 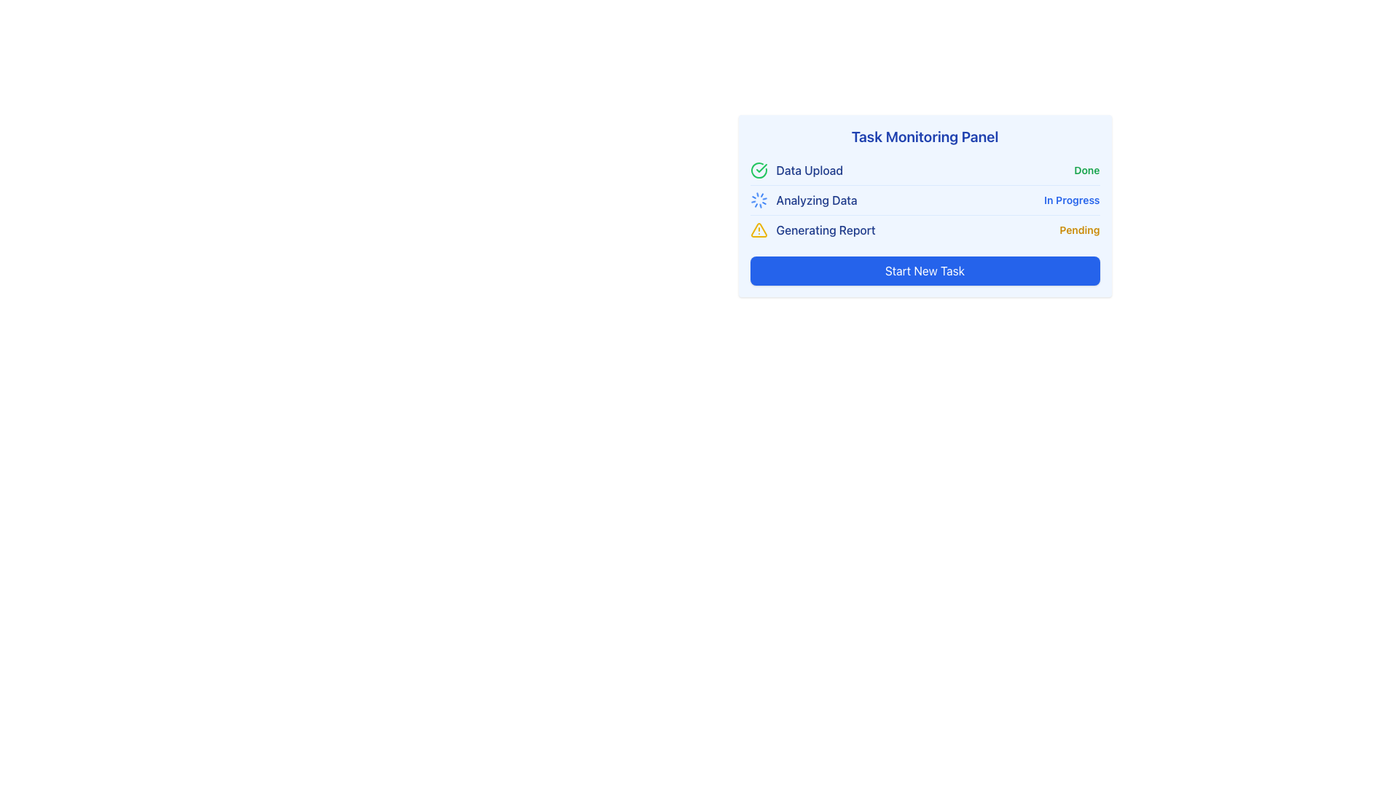 What do you see at coordinates (796, 170) in the screenshot?
I see `the status label indicating that the 'Data Upload' task has been completed, which is the first element in the vertical list within the 'Task Monitoring Panel'` at bounding box center [796, 170].